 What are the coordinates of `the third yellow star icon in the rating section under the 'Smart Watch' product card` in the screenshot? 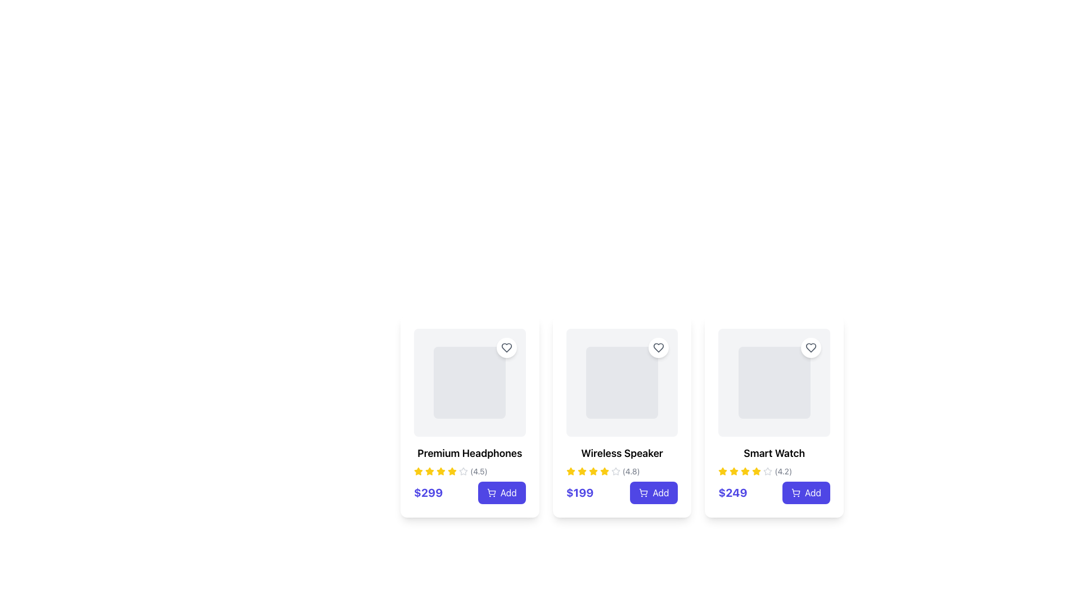 It's located at (734, 472).